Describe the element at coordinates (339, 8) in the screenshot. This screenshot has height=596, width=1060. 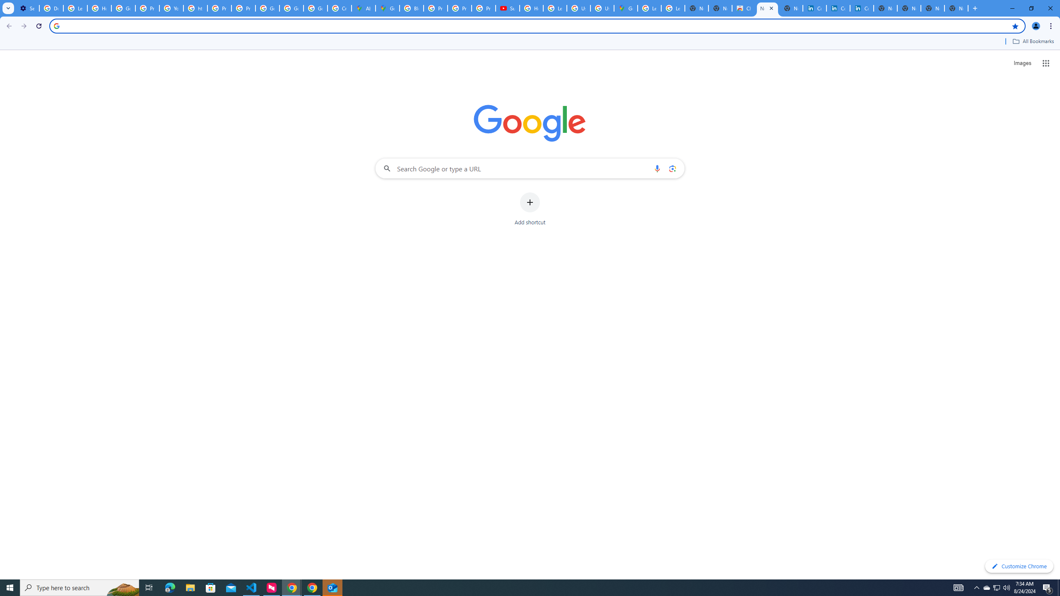
I see `'Create your Google Account'` at that location.